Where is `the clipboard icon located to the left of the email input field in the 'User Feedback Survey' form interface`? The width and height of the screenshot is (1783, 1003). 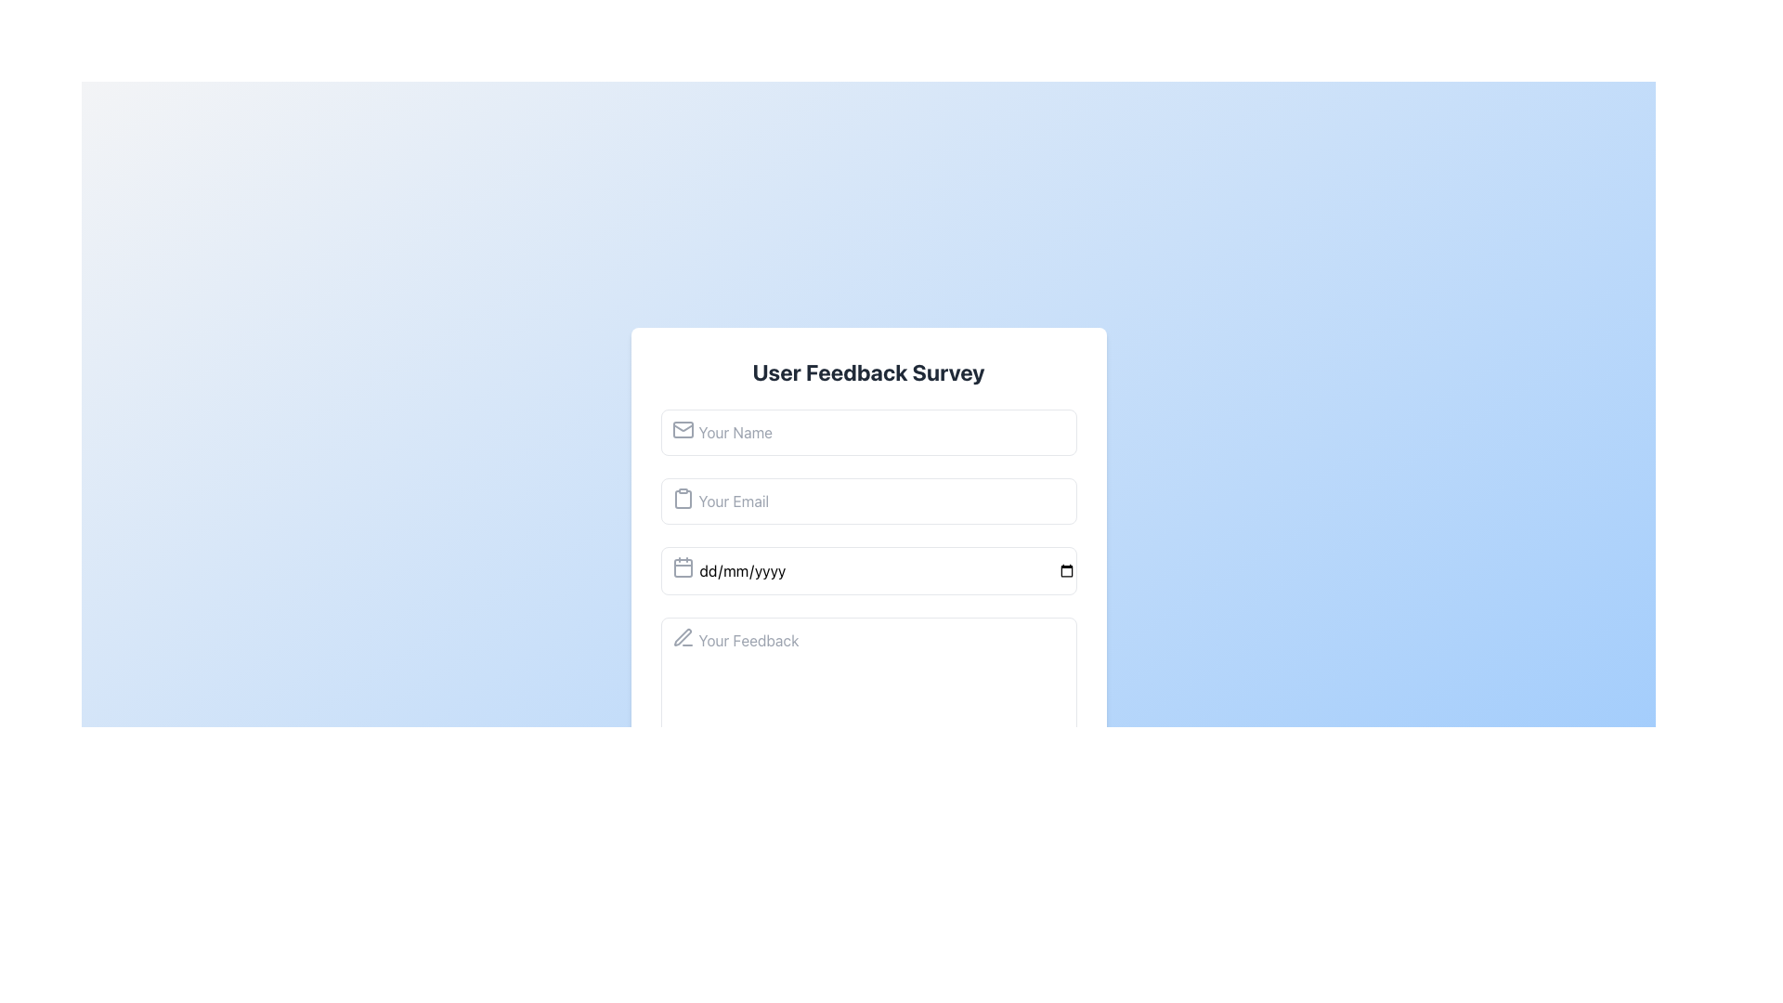
the clipboard icon located to the left of the email input field in the 'User Feedback Survey' form interface is located at coordinates (682, 497).